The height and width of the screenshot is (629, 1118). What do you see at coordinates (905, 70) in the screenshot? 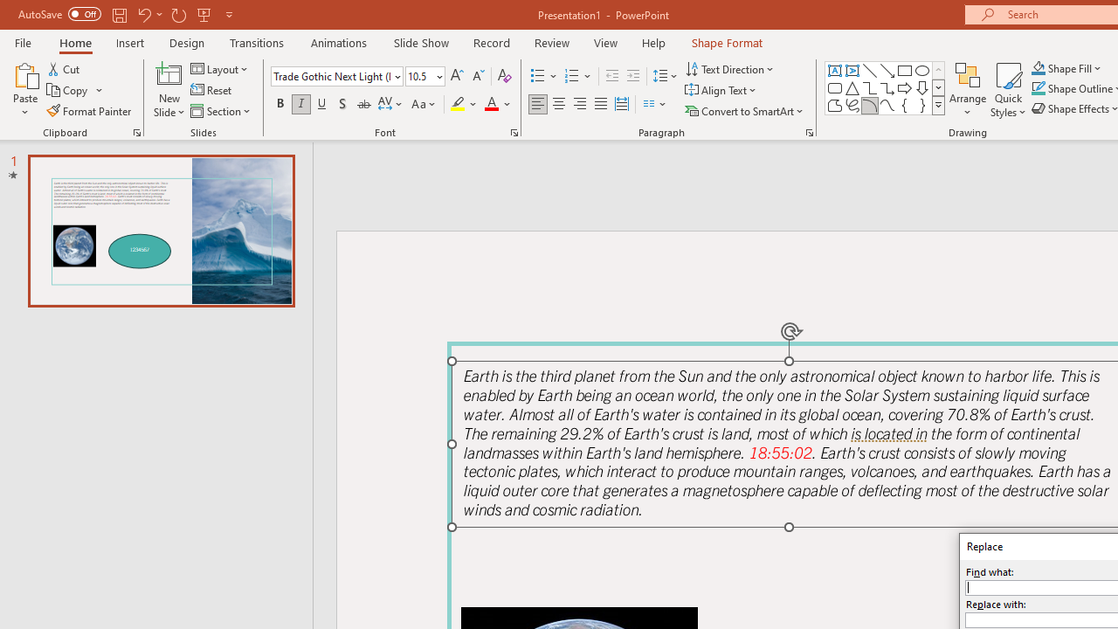
I see `'Rectangle'` at bounding box center [905, 70].